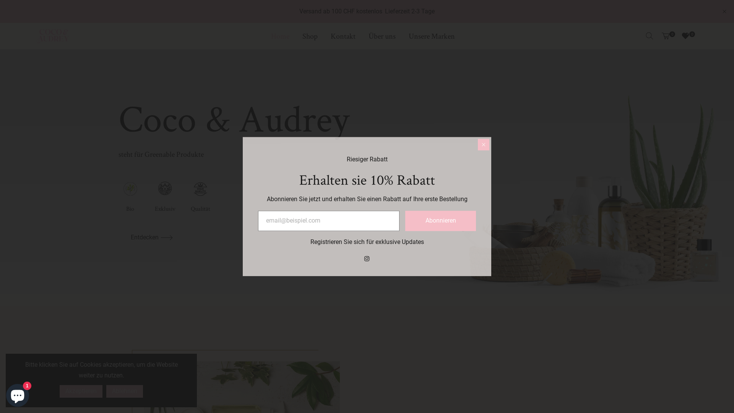  What do you see at coordinates (677, 36) in the screenshot?
I see `'0'` at bounding box center [677, 36].